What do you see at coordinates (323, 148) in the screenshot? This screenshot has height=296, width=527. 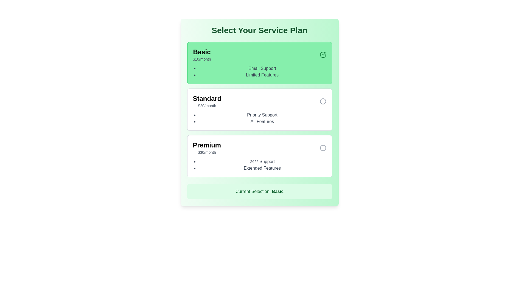 I see `the circular selection indicator located at the far-right end of the row labeled 'Premium $30/month'` at bounding box center [323, 148].